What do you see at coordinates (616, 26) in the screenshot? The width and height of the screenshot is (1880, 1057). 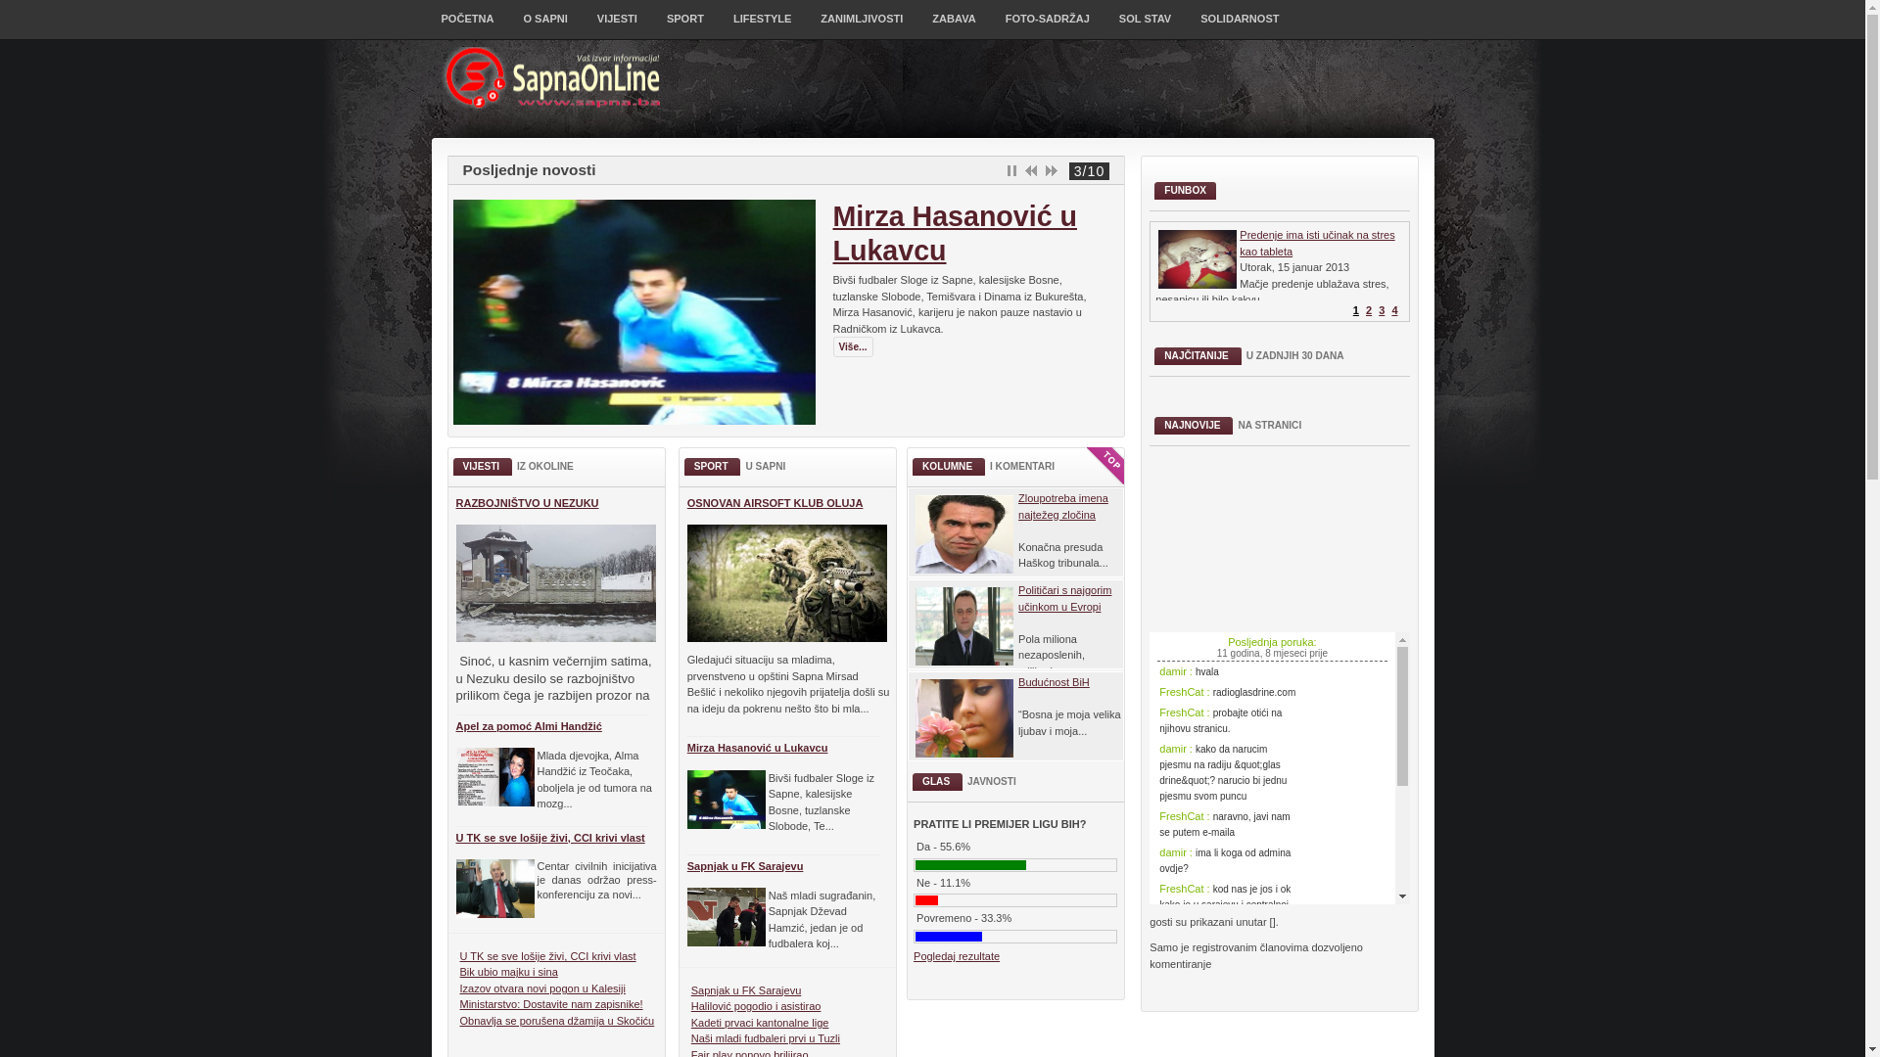 I see `'VIJESTI'` at bounding box center [616, 26].